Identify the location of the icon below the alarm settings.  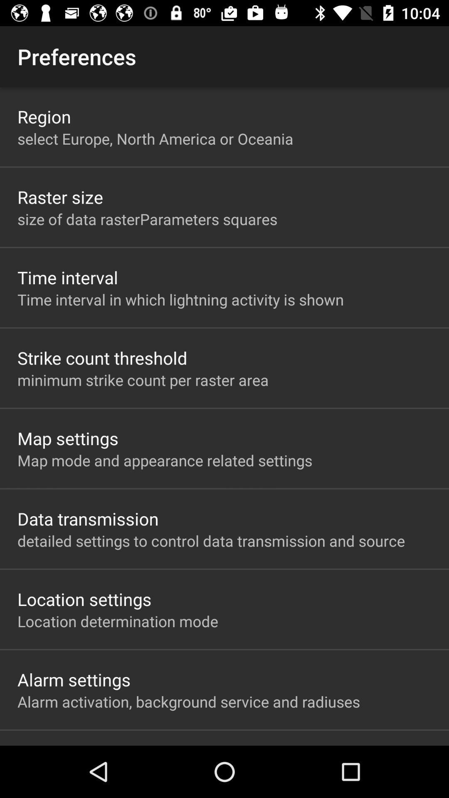
(189, 701).